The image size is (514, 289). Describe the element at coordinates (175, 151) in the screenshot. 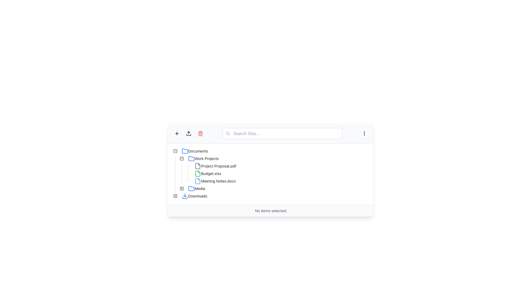

I see `the icon representing a collapsible section or inactive state` at that location.